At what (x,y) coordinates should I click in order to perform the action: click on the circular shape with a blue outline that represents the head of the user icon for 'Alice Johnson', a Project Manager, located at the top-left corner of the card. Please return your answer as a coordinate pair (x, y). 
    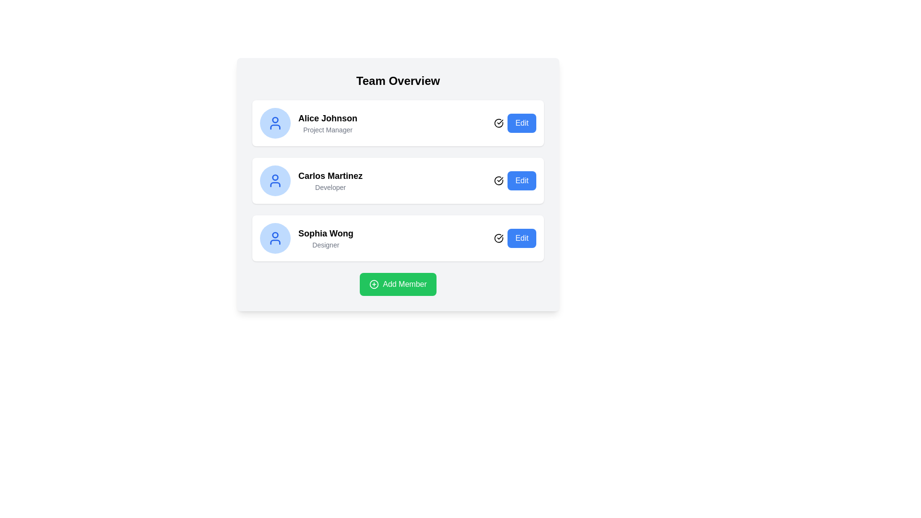
    Looking at the image, I should click on (275, 119).